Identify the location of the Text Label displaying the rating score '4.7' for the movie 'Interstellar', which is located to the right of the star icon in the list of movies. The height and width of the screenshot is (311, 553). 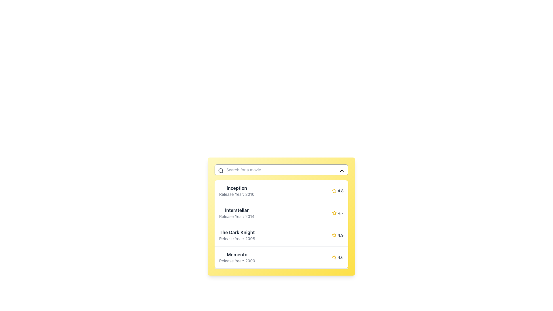
(341, 213).